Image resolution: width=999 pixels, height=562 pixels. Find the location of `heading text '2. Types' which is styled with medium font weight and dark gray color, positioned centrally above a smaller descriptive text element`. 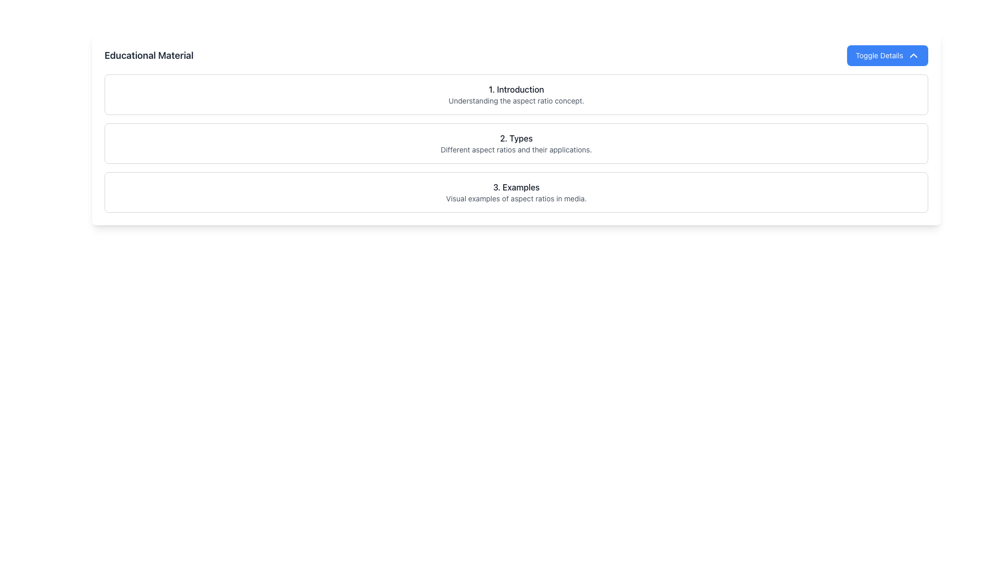

heading text '2. Types' which is styled with medium font weight and dark gray color, positioned centrally above a smaller descriptive text element is located at coordinates (516, 138).